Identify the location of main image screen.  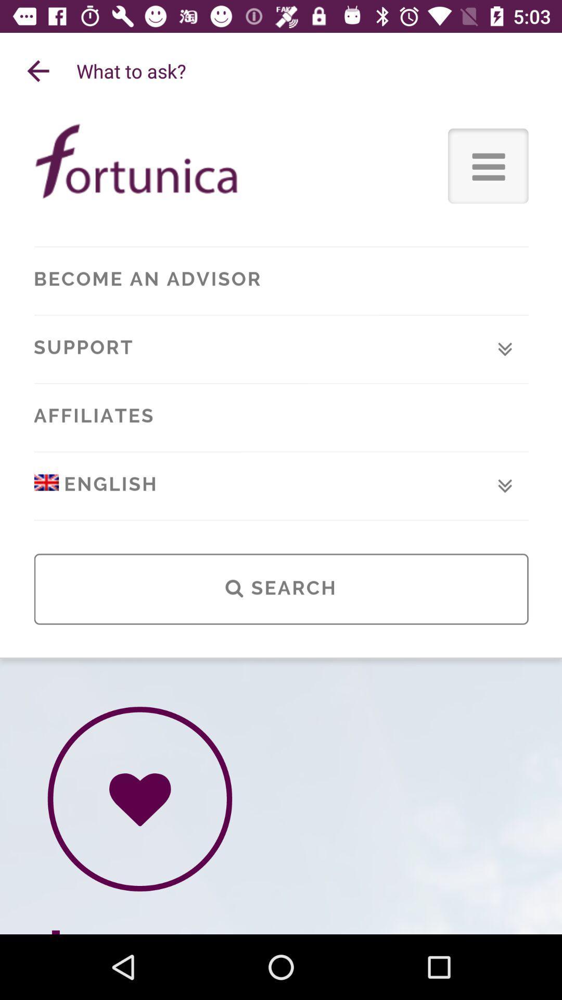
(281, 522).